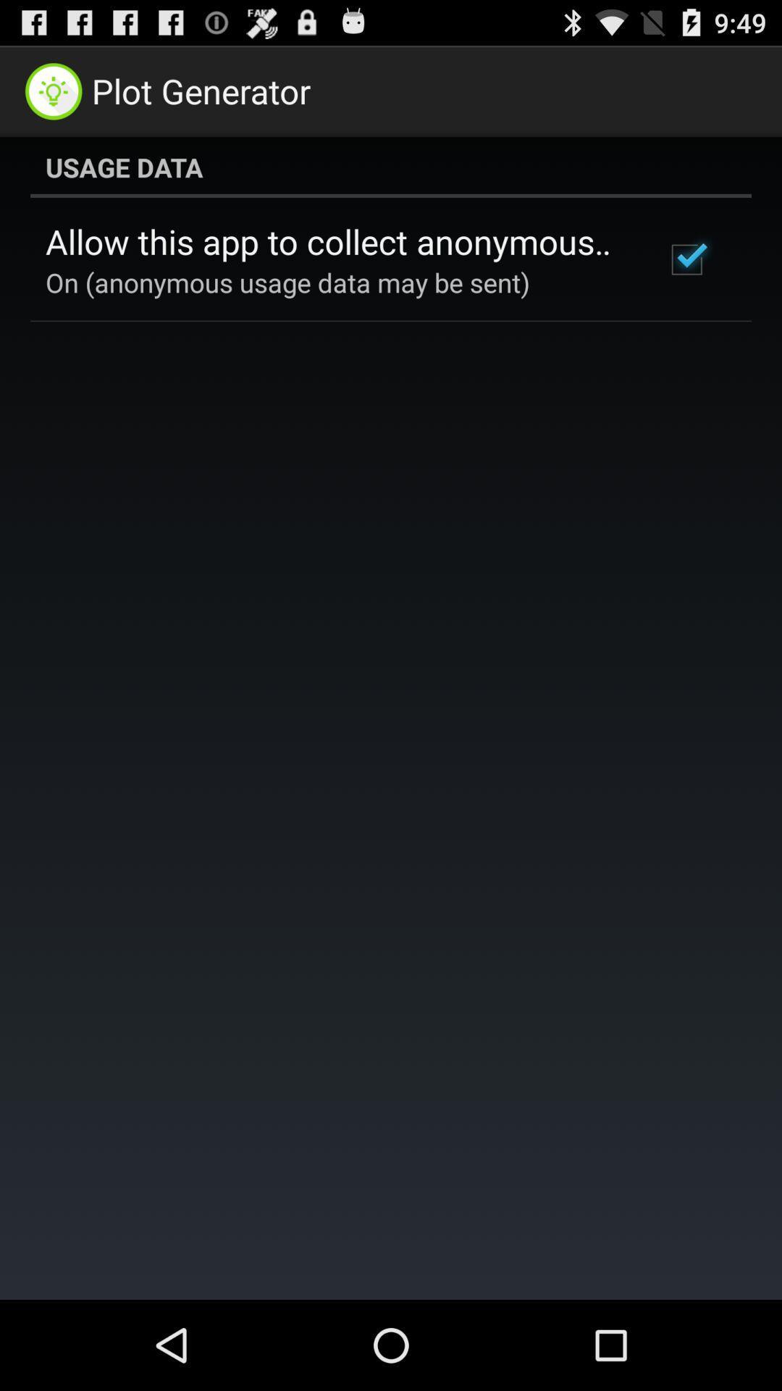 The width and height of the screenshot is (782, 1391). Describe the element at coordinates (335, 241) in the screenshot. I see `the icon below the usage data` at that location.